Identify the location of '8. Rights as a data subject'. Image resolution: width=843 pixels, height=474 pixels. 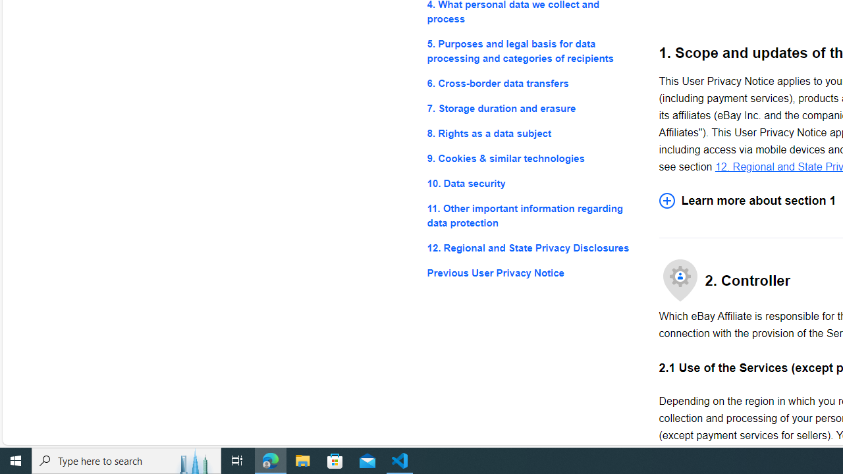
(532, 134).